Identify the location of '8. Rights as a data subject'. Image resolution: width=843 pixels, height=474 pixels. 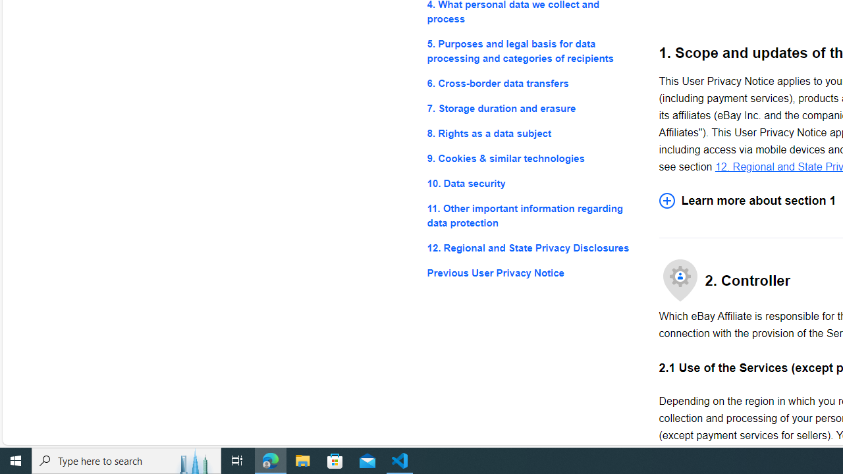
(532, 134).